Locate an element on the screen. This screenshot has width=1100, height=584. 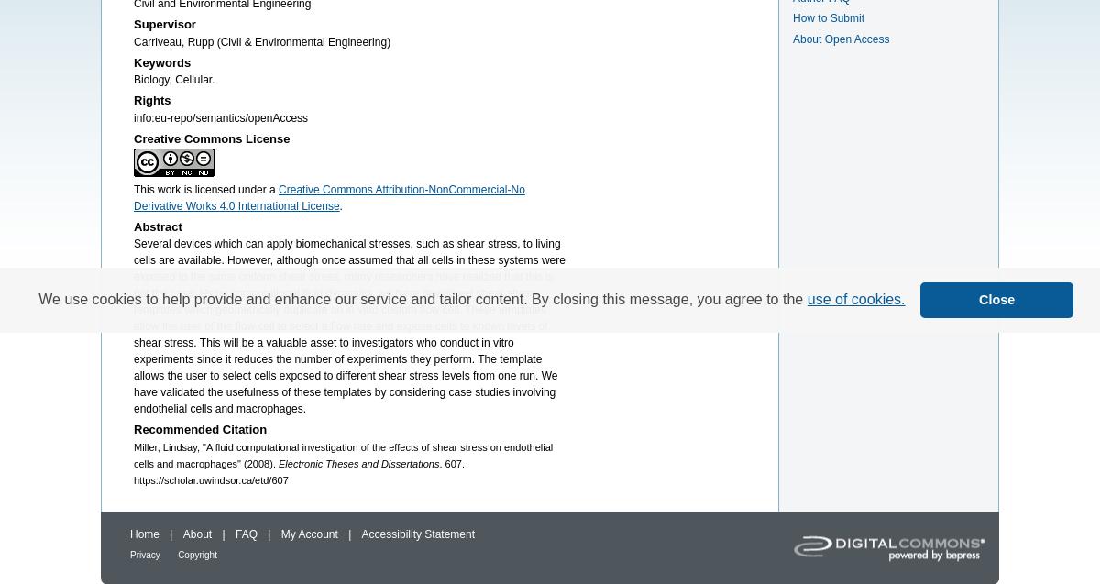
'Recommended Citation' is located at coordinates (199, 429).